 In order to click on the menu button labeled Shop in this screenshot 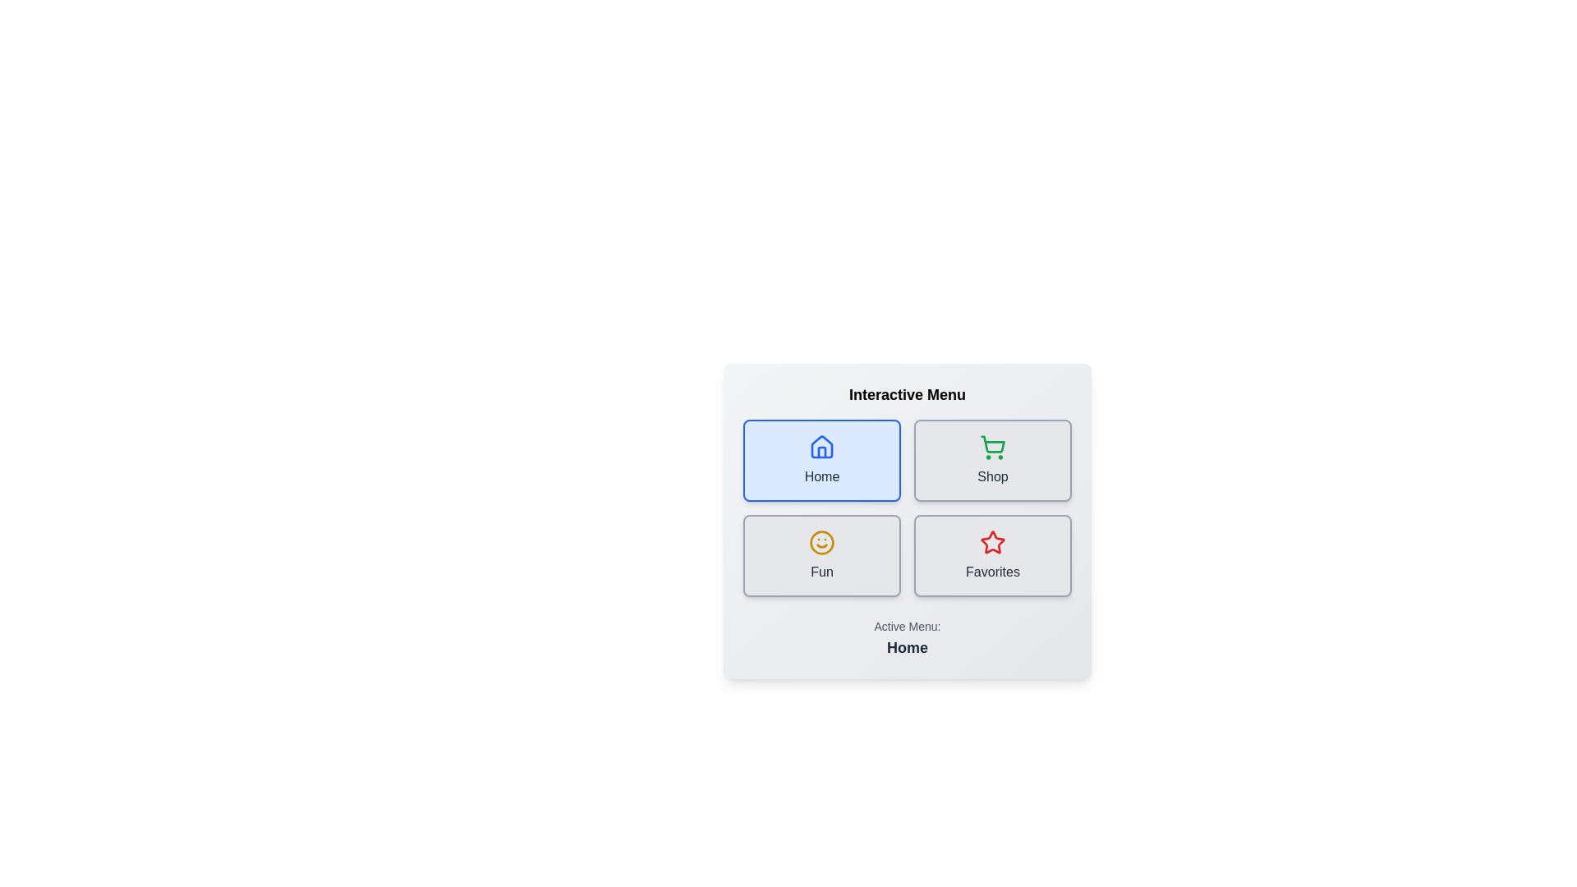, I will do `click(992, 460)`.